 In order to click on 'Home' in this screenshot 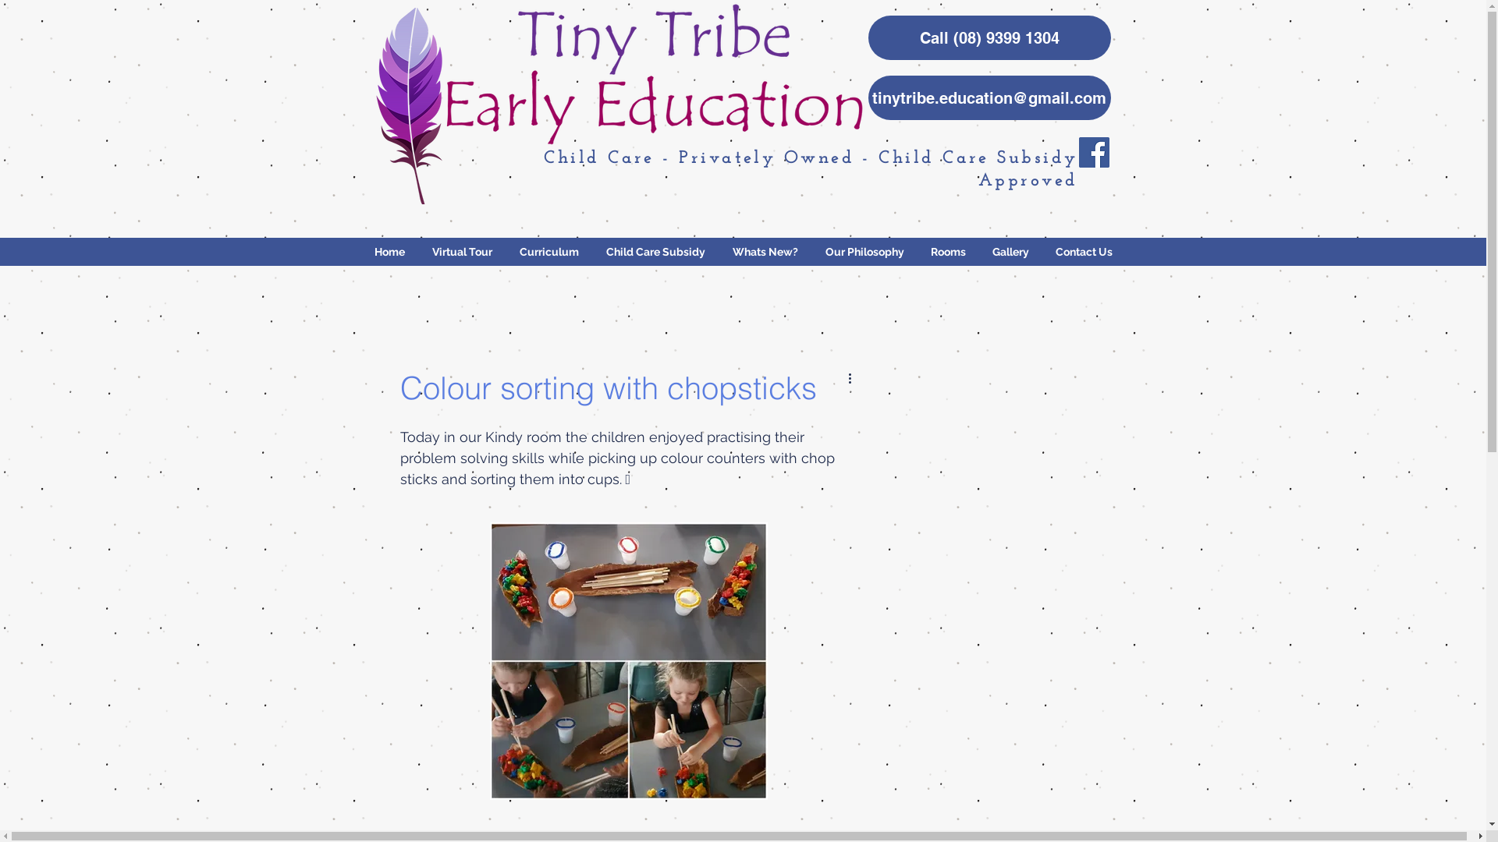, I will do `click(389, 251)`.